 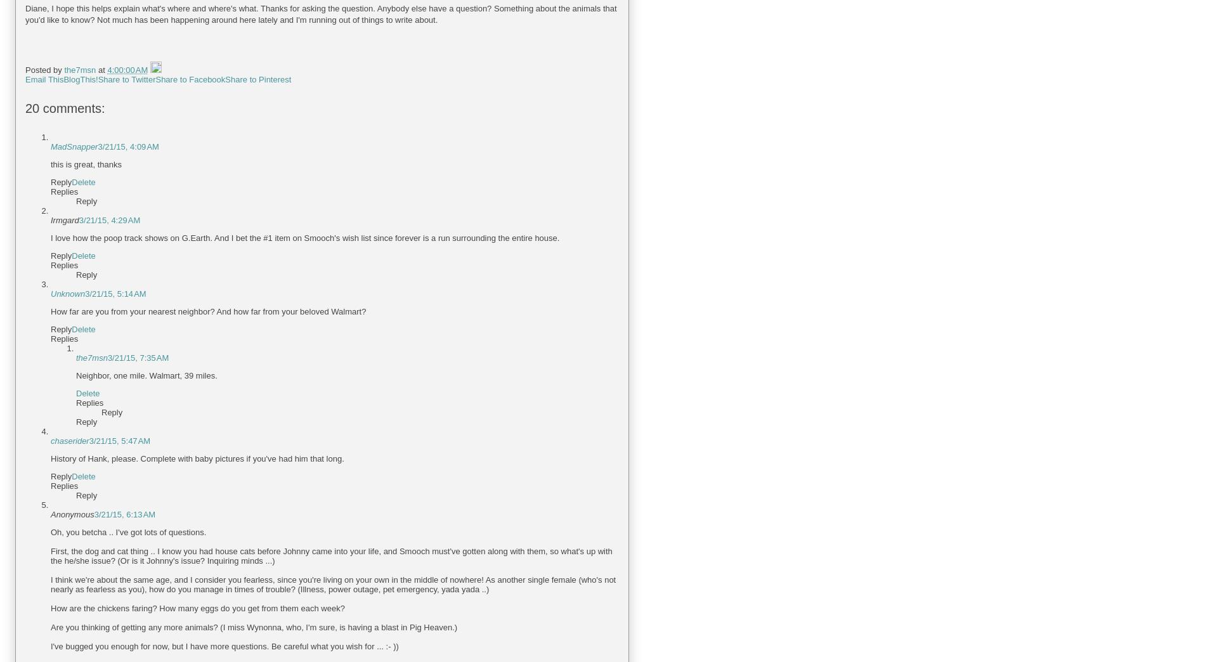 What do you see at coordinates (84, 294) in the screenshot?
I see `'3/21/15, 5:14 AM'` at bounding box center [84, 294].